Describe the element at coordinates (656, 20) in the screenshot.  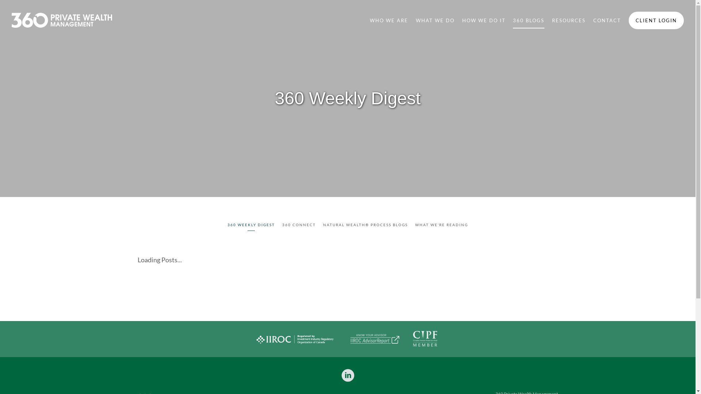
I see `'CLIENT LOGIN'` at that location.